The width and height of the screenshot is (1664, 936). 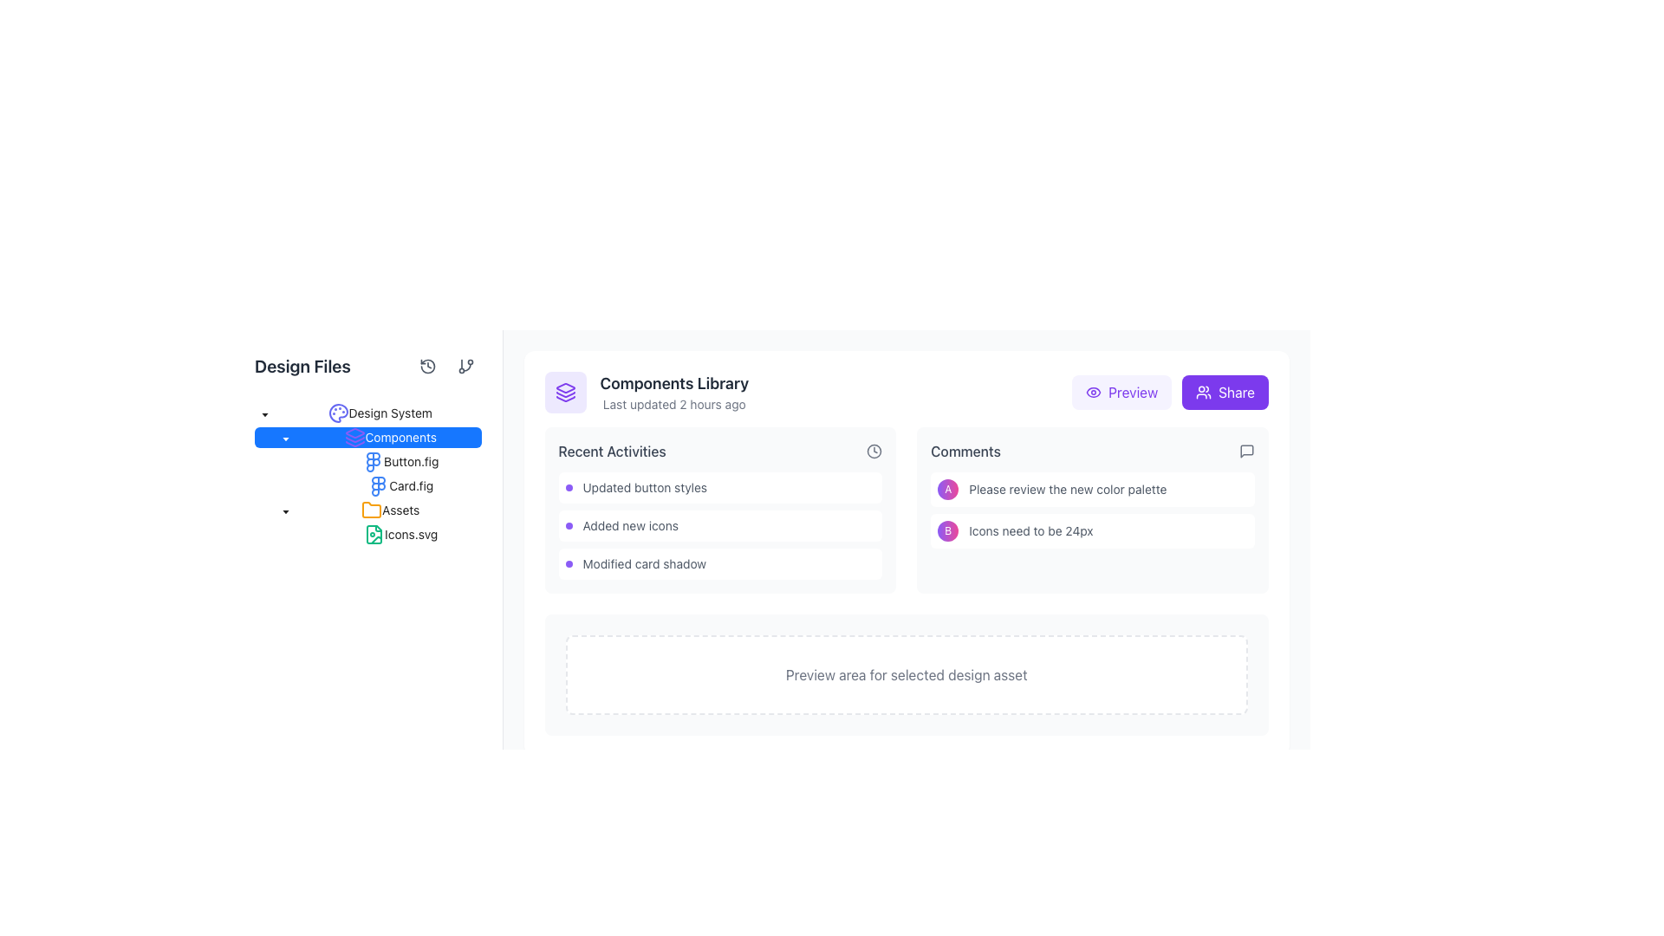 What do you see at coordinates (427, 366) in the screenshot?
I see `the clock icon with a counterclockwise arrow located in the sidebar near the 'Design Files' header` at bounding box center [427, 366].